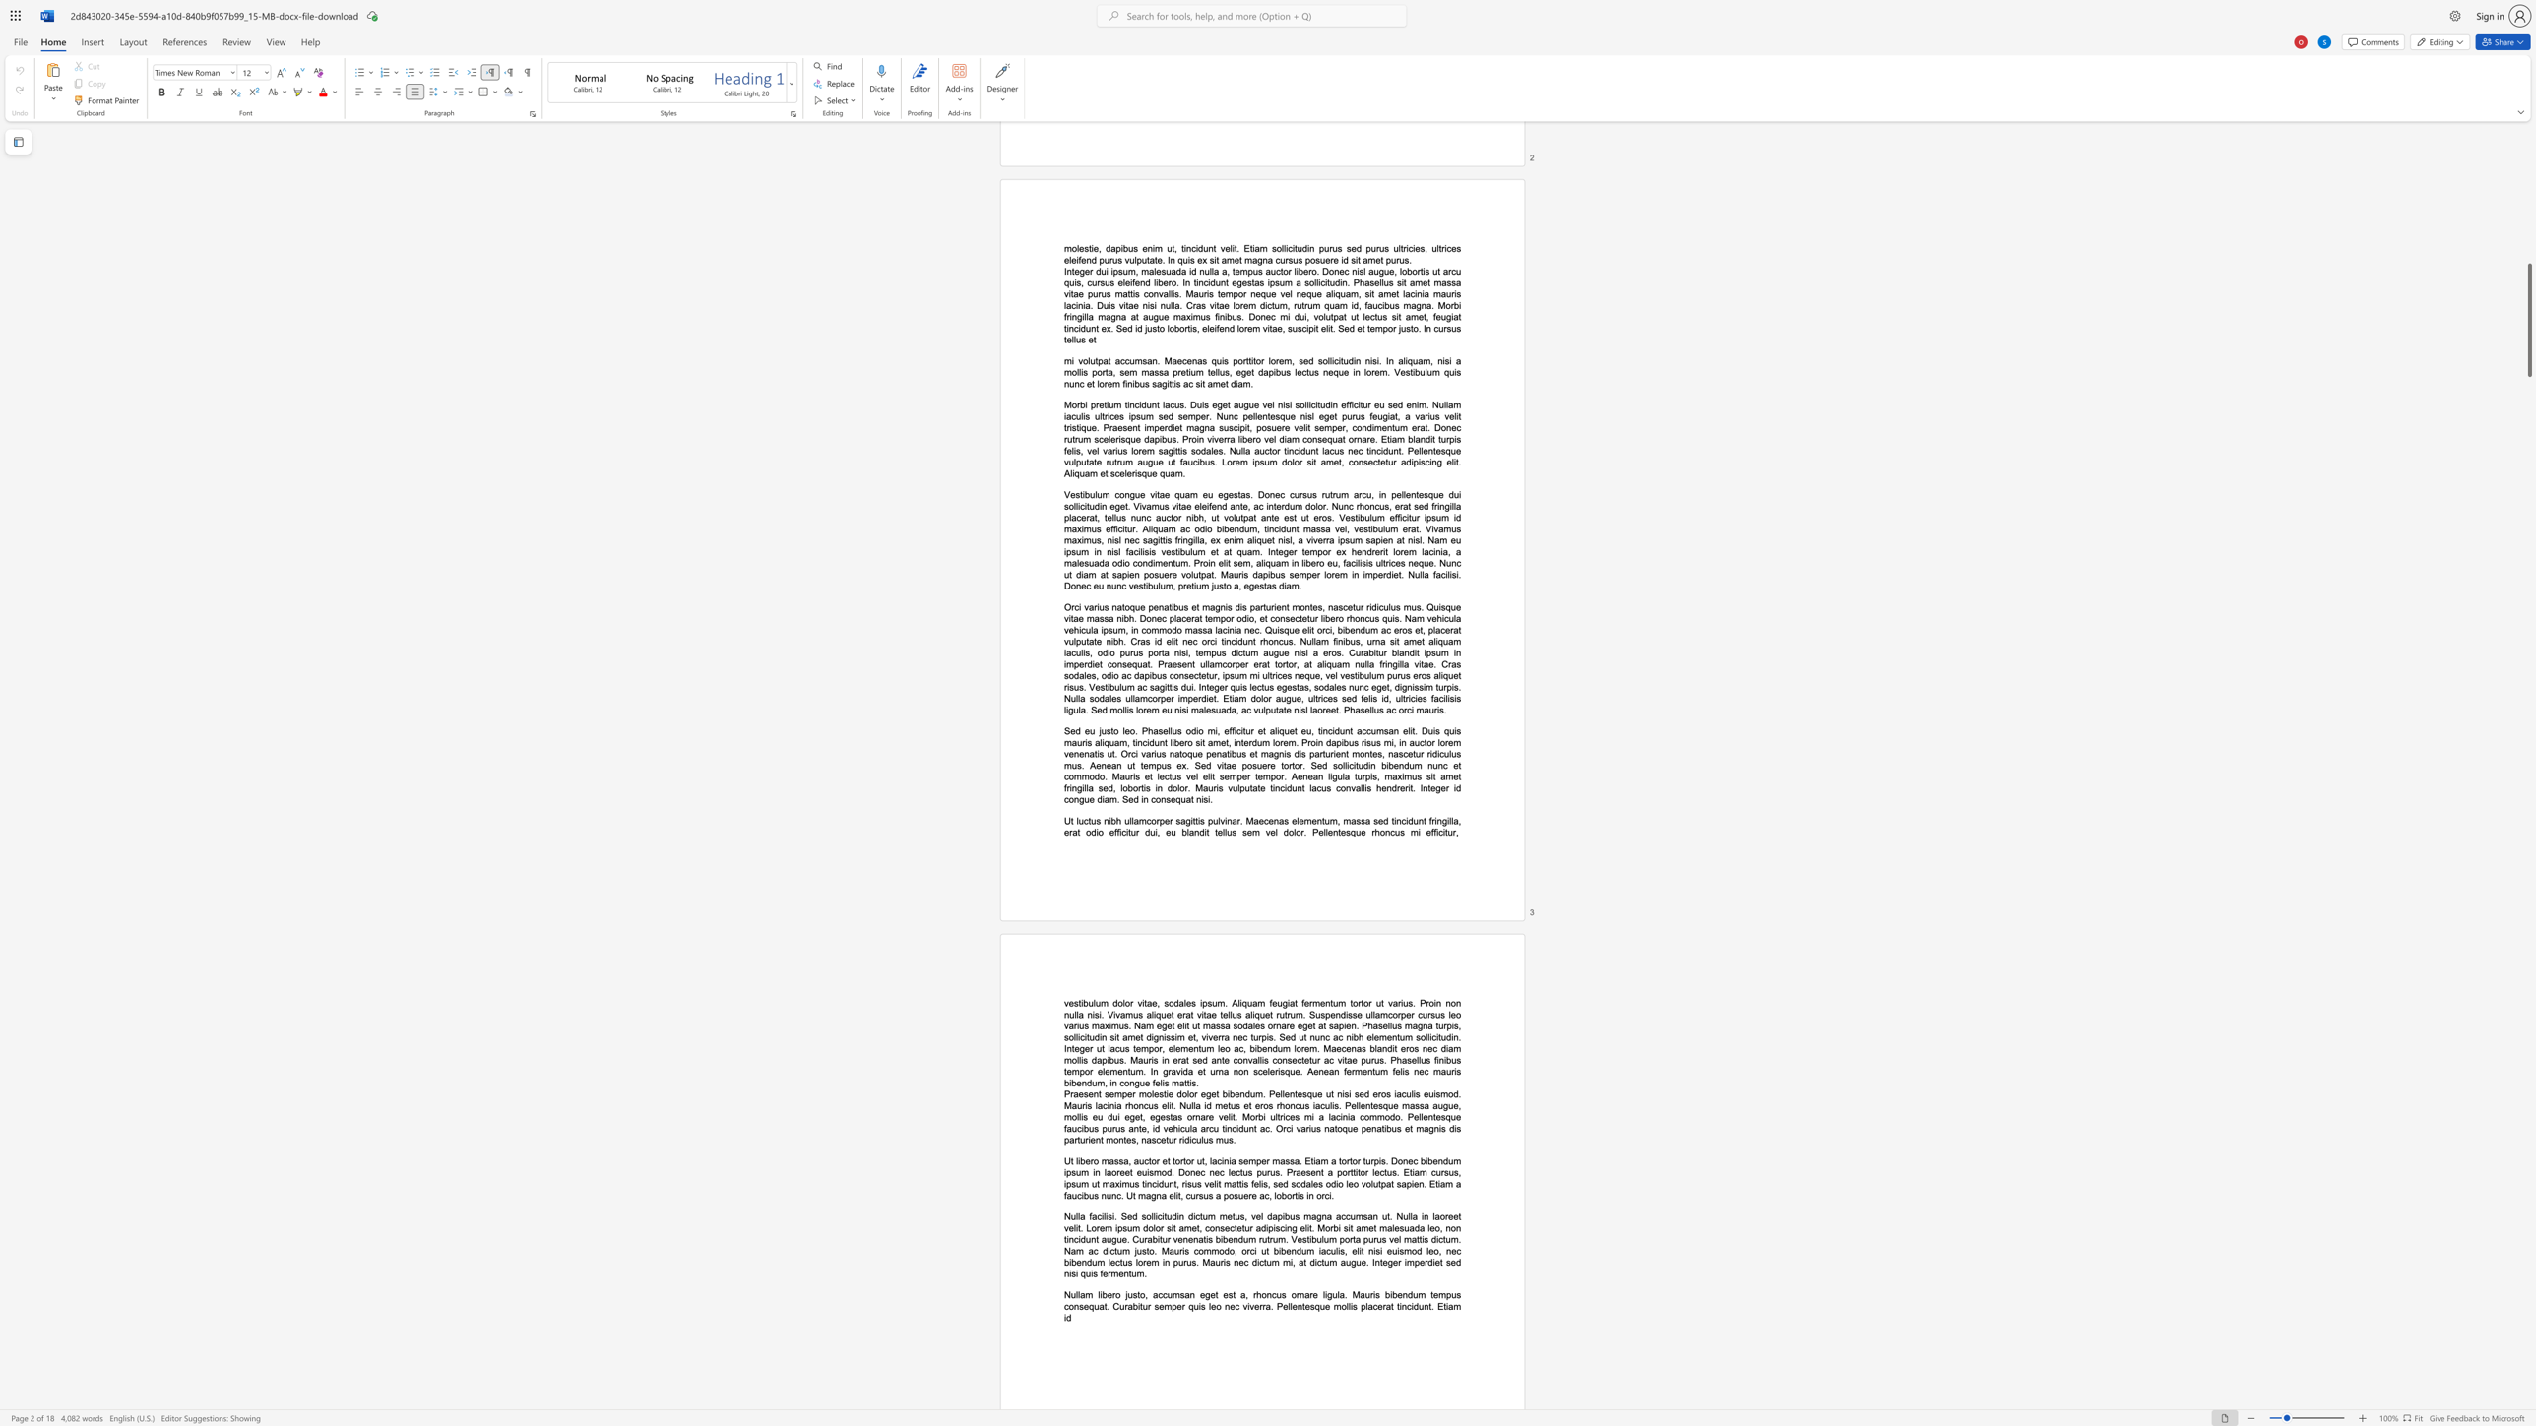 The image size is (2536, 1426). What do you see at coordinates (1213, 743) in the screenshot?
I see `the subset text "met, interdum lorem. Proin dapibus risus mi, in auctor lorem venenatis ut. Orci varius natoque penatibus et magnis dis parturient montes, nascetur ridiculus mus. Aenean ut tempus ex. Sed vitae posuere tortor. Sed sollicitudin bibendum nunc et commodo. Mauris et lectus vel elit semper tempor. Aenean ligula turpis, maximus sit amet fringilla sed, lobortis in dolor. Mauris vulpu" within the text "Sed eu justo leo. Phasellus odio mi, efficitur et aliquet eu, tincidunt accumsan elit. Duis quis mauris aliquam, tincidunt libero sit amet, interdum lorem. Proin dapibus risus mi, in auctor lorem venenatis ut. Orci varius natoque penatibus et magnis dis parturient montes, nascetur ridiculus mus. Aenean ut tempus ex. Sed vitae posuere tortor. Sed sollicitudin bibendum nunc et commodo. Mauris et lectus vel elit semper tempor. Aenean ligula turpis, maximus sit amet fringilla sed, lobortis in dolor. Mauris vulputate tincidunt lacus convallis hendrerit. Integer id congue diam. Sed in consequat nisi."` at bounding box center [1213, 743].